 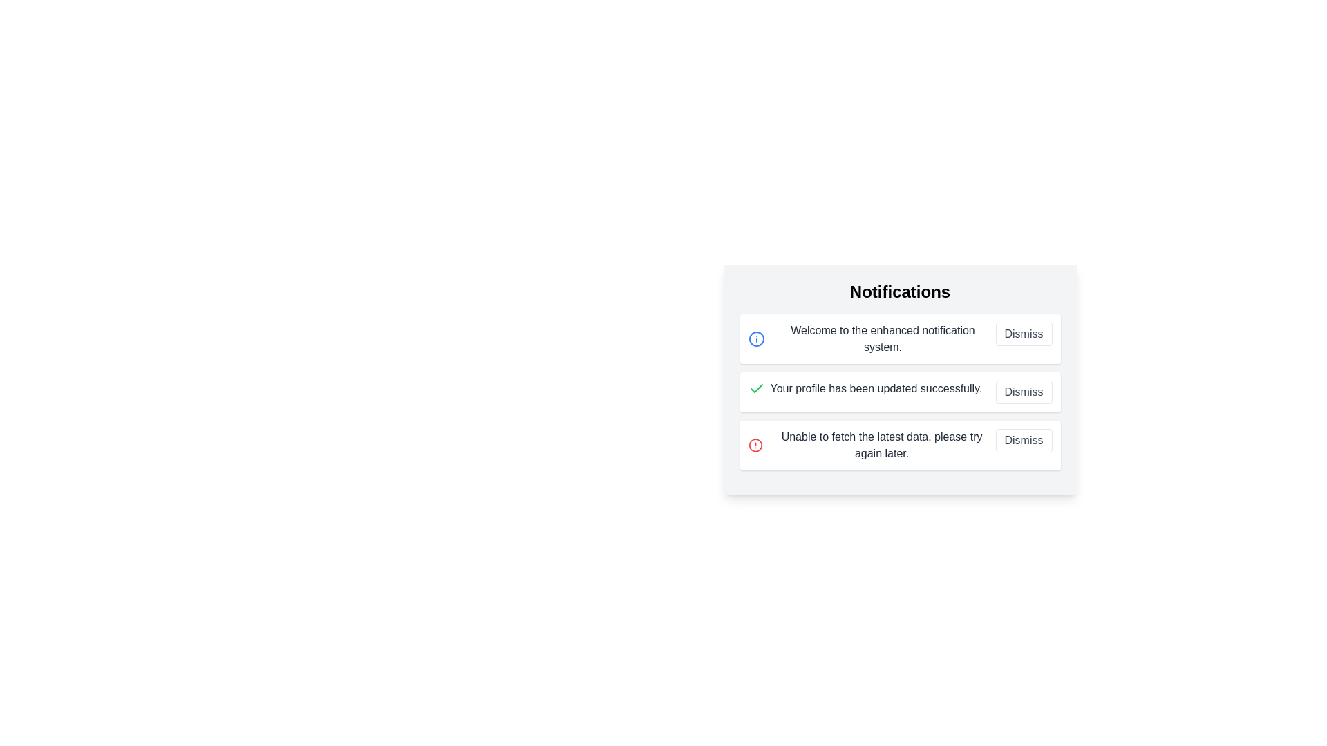 I want to click on the welcome message text label at the top of the notification list, which provides context for the interface functionality, so click(x=871, y=338).